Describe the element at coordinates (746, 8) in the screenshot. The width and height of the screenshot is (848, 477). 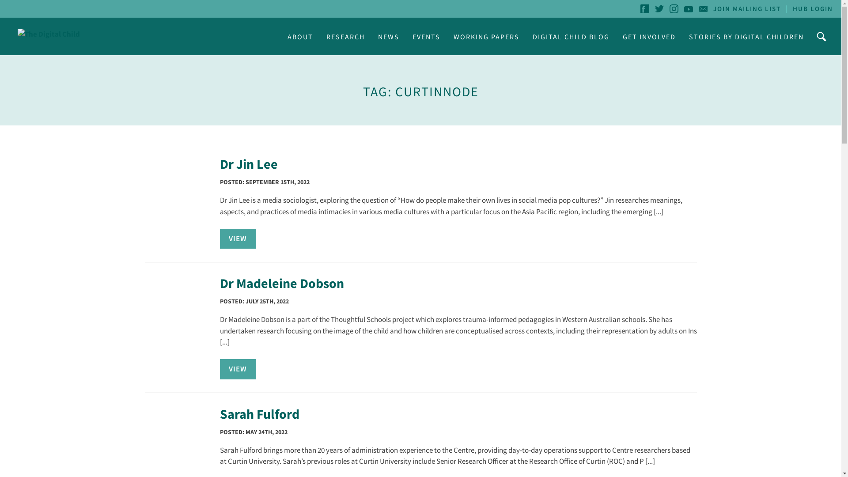
I see `'JOIN MAILING LIST'` at that location.